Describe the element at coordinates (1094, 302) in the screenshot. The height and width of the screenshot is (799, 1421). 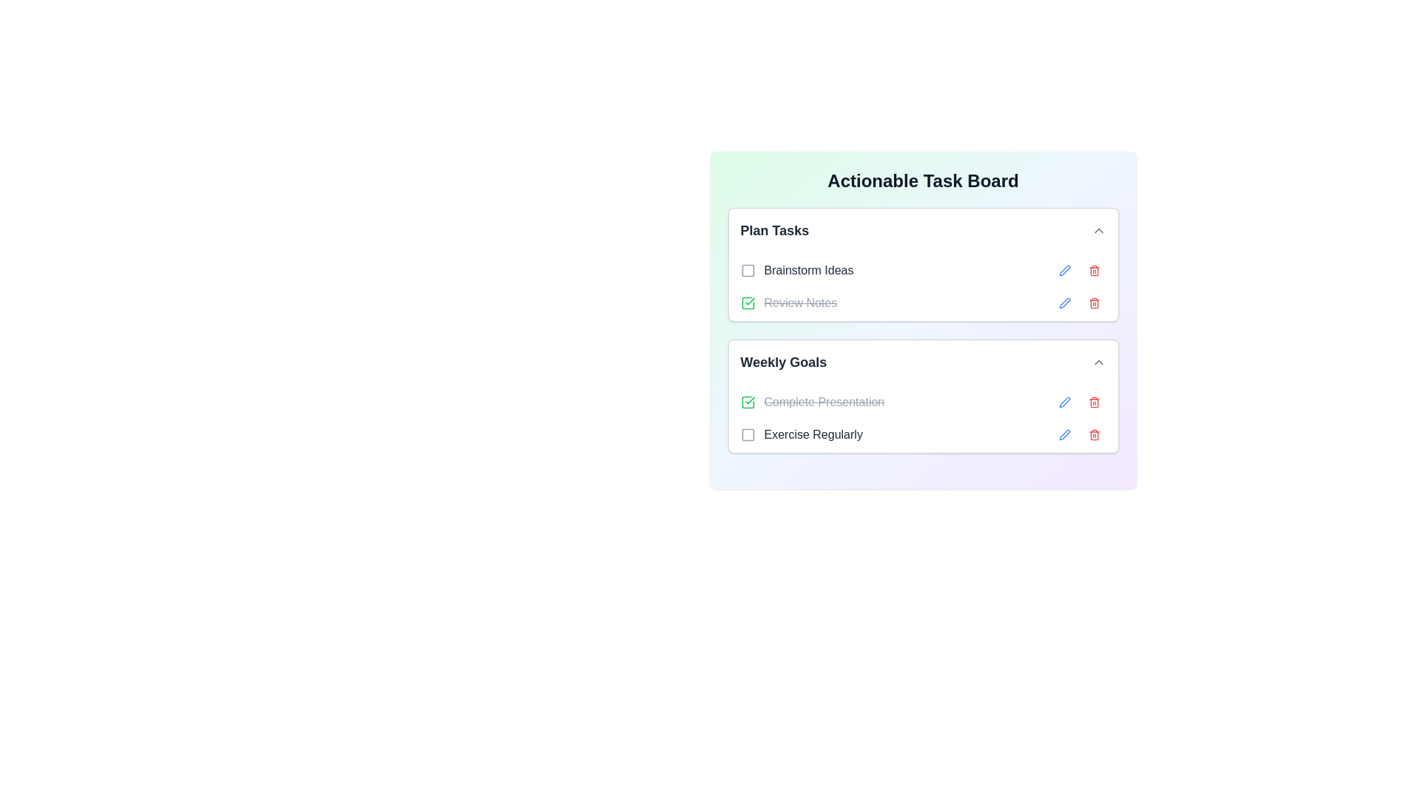
I see `the red trash icon button, which is the second interactive button in the group of action buttons aligned to the right of the 'Review Notes' task in the 'Plan Tasks' section` at that location.